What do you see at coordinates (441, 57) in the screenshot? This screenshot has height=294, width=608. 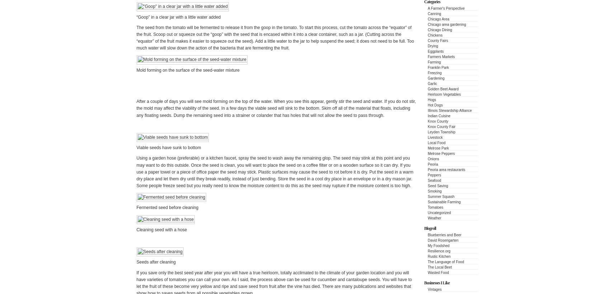 I see `'Farmers Markets'` at bounding box center [441, 57].